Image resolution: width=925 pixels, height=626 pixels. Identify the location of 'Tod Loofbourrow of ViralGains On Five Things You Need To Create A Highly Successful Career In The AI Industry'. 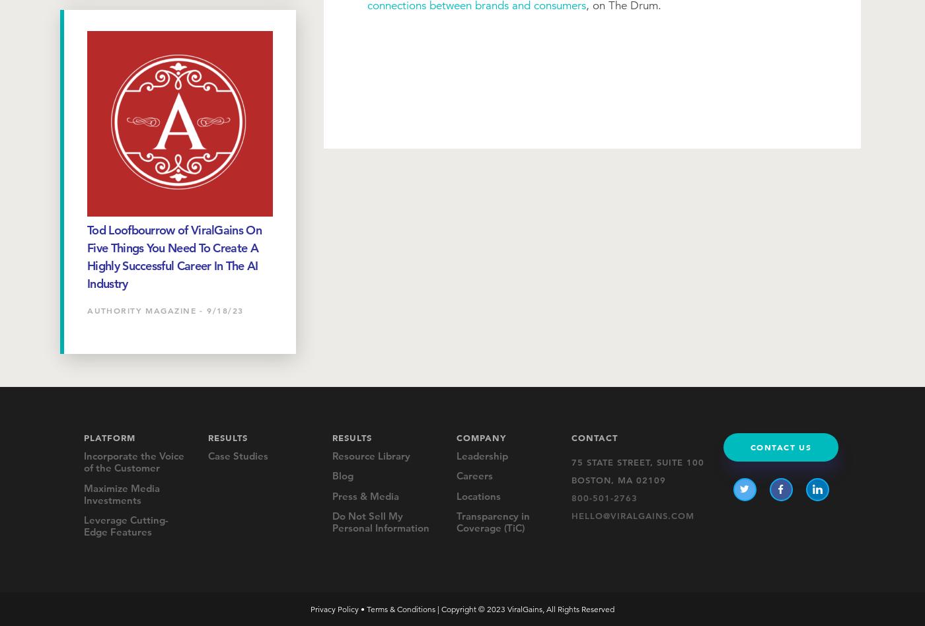
(174, 256).